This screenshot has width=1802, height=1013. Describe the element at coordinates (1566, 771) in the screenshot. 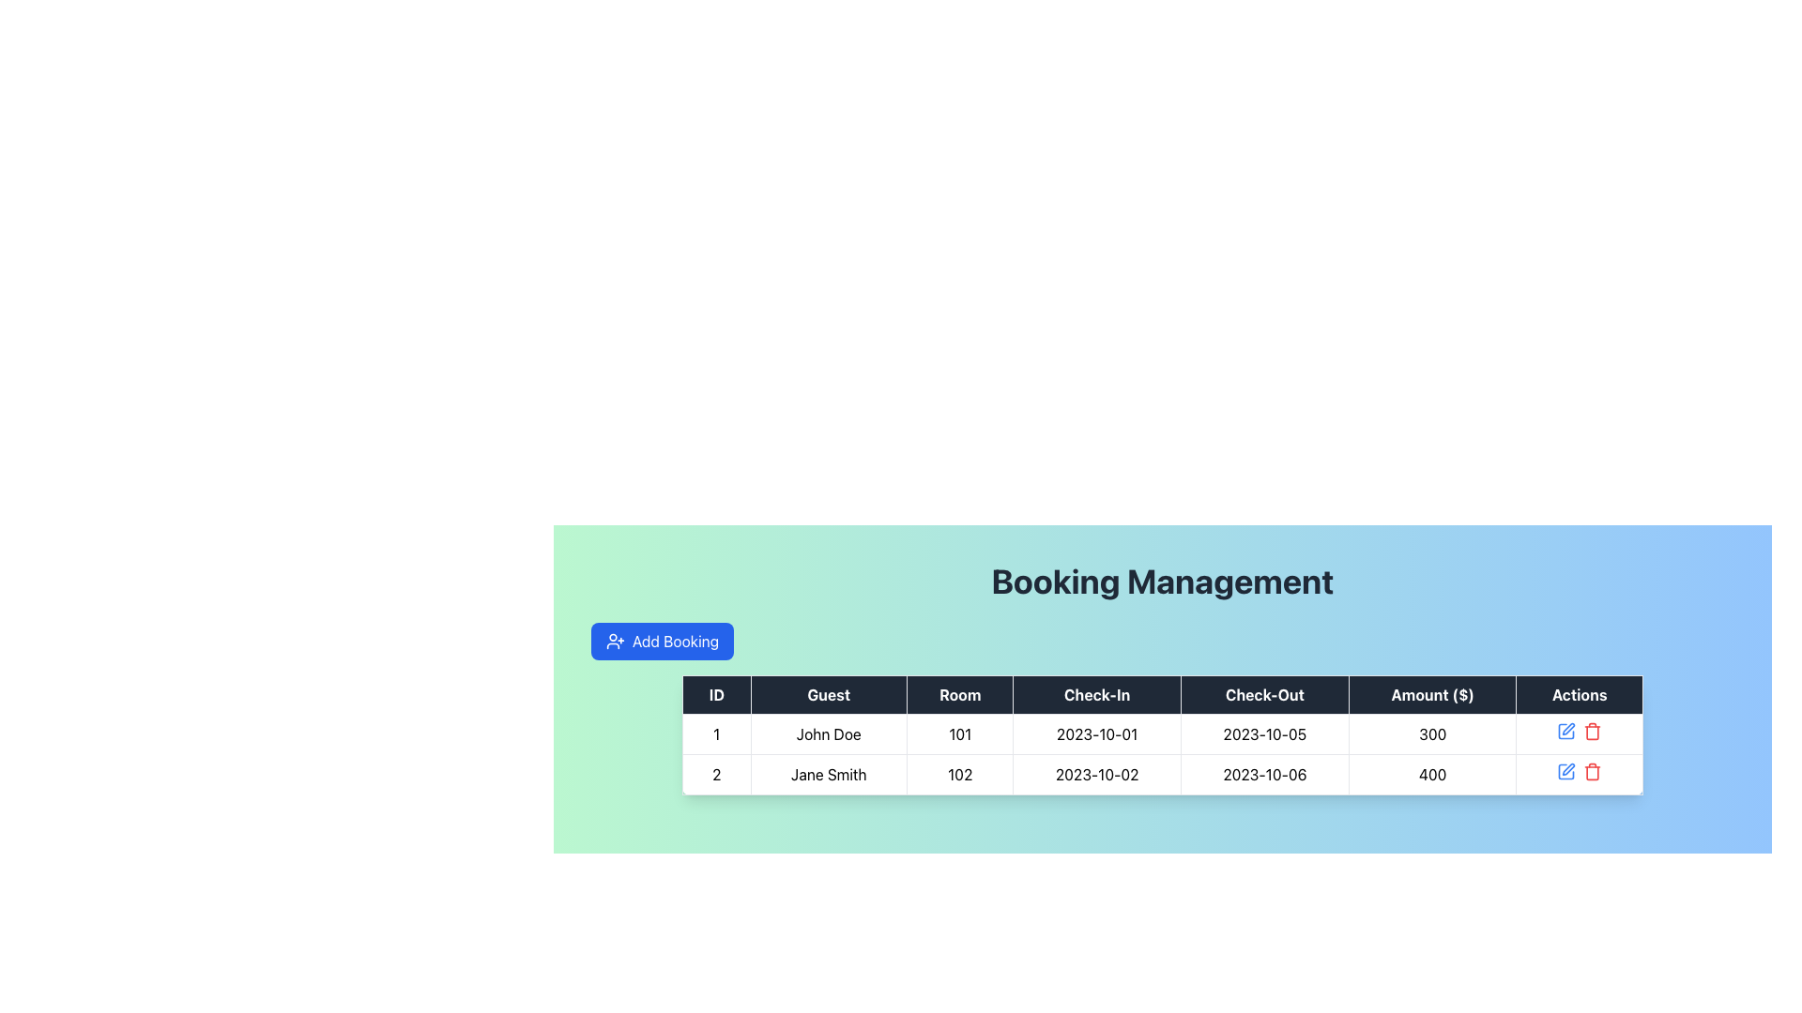

I see `the pen icon located in the 'Actions' column of the second row in the data table, which is related to 'Jane Smith', to initiate an edit action` at that location.